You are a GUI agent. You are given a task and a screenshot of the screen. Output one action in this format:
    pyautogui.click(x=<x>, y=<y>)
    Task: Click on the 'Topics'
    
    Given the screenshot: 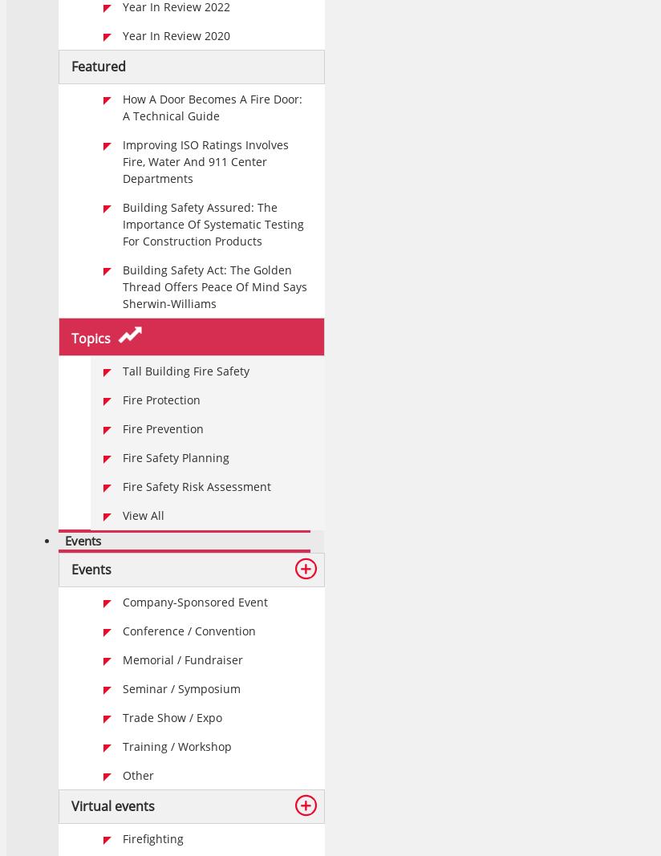 What is the action you would take?
    pyautogui.click(x=92, y=337)
    